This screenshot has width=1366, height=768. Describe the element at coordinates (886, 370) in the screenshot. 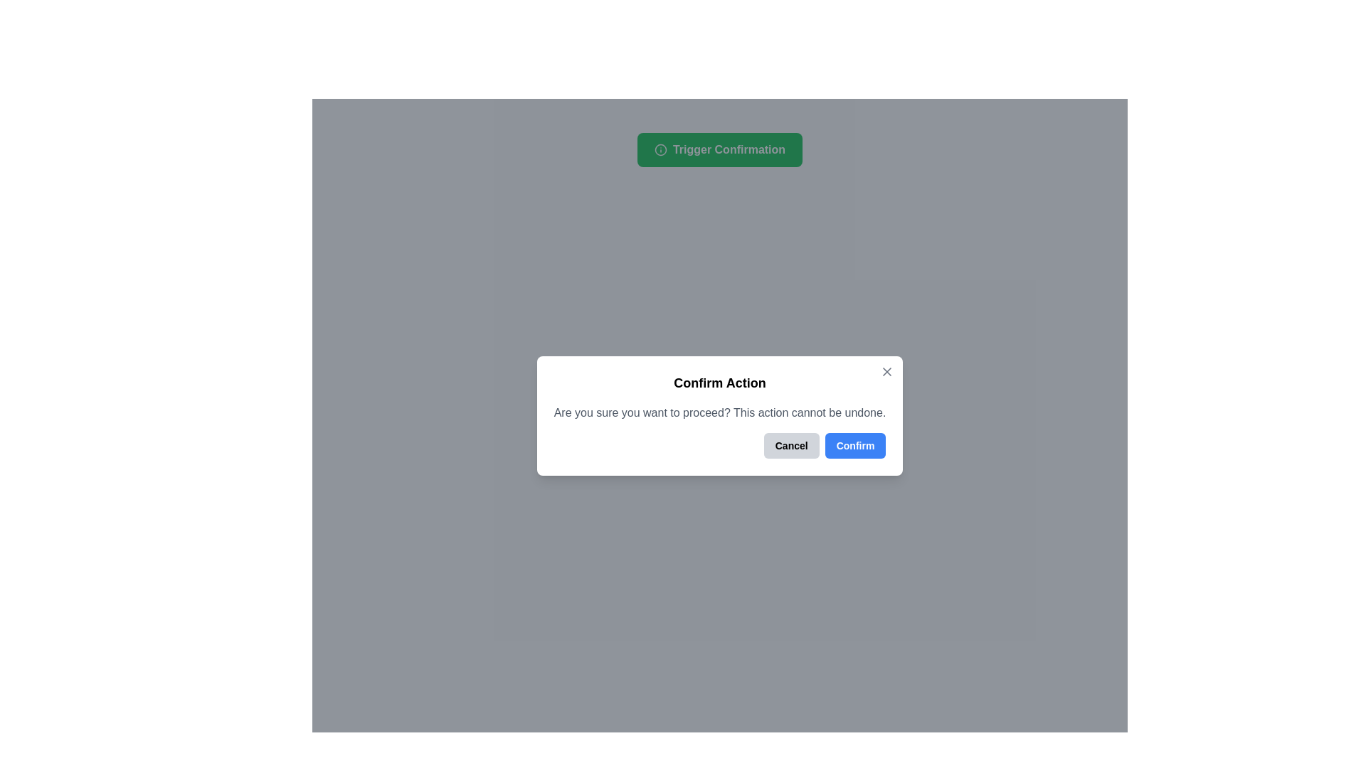

I see `the small gray 'X' button located at the top-right corner of the 'Confirm Action' dialog box` at that location.